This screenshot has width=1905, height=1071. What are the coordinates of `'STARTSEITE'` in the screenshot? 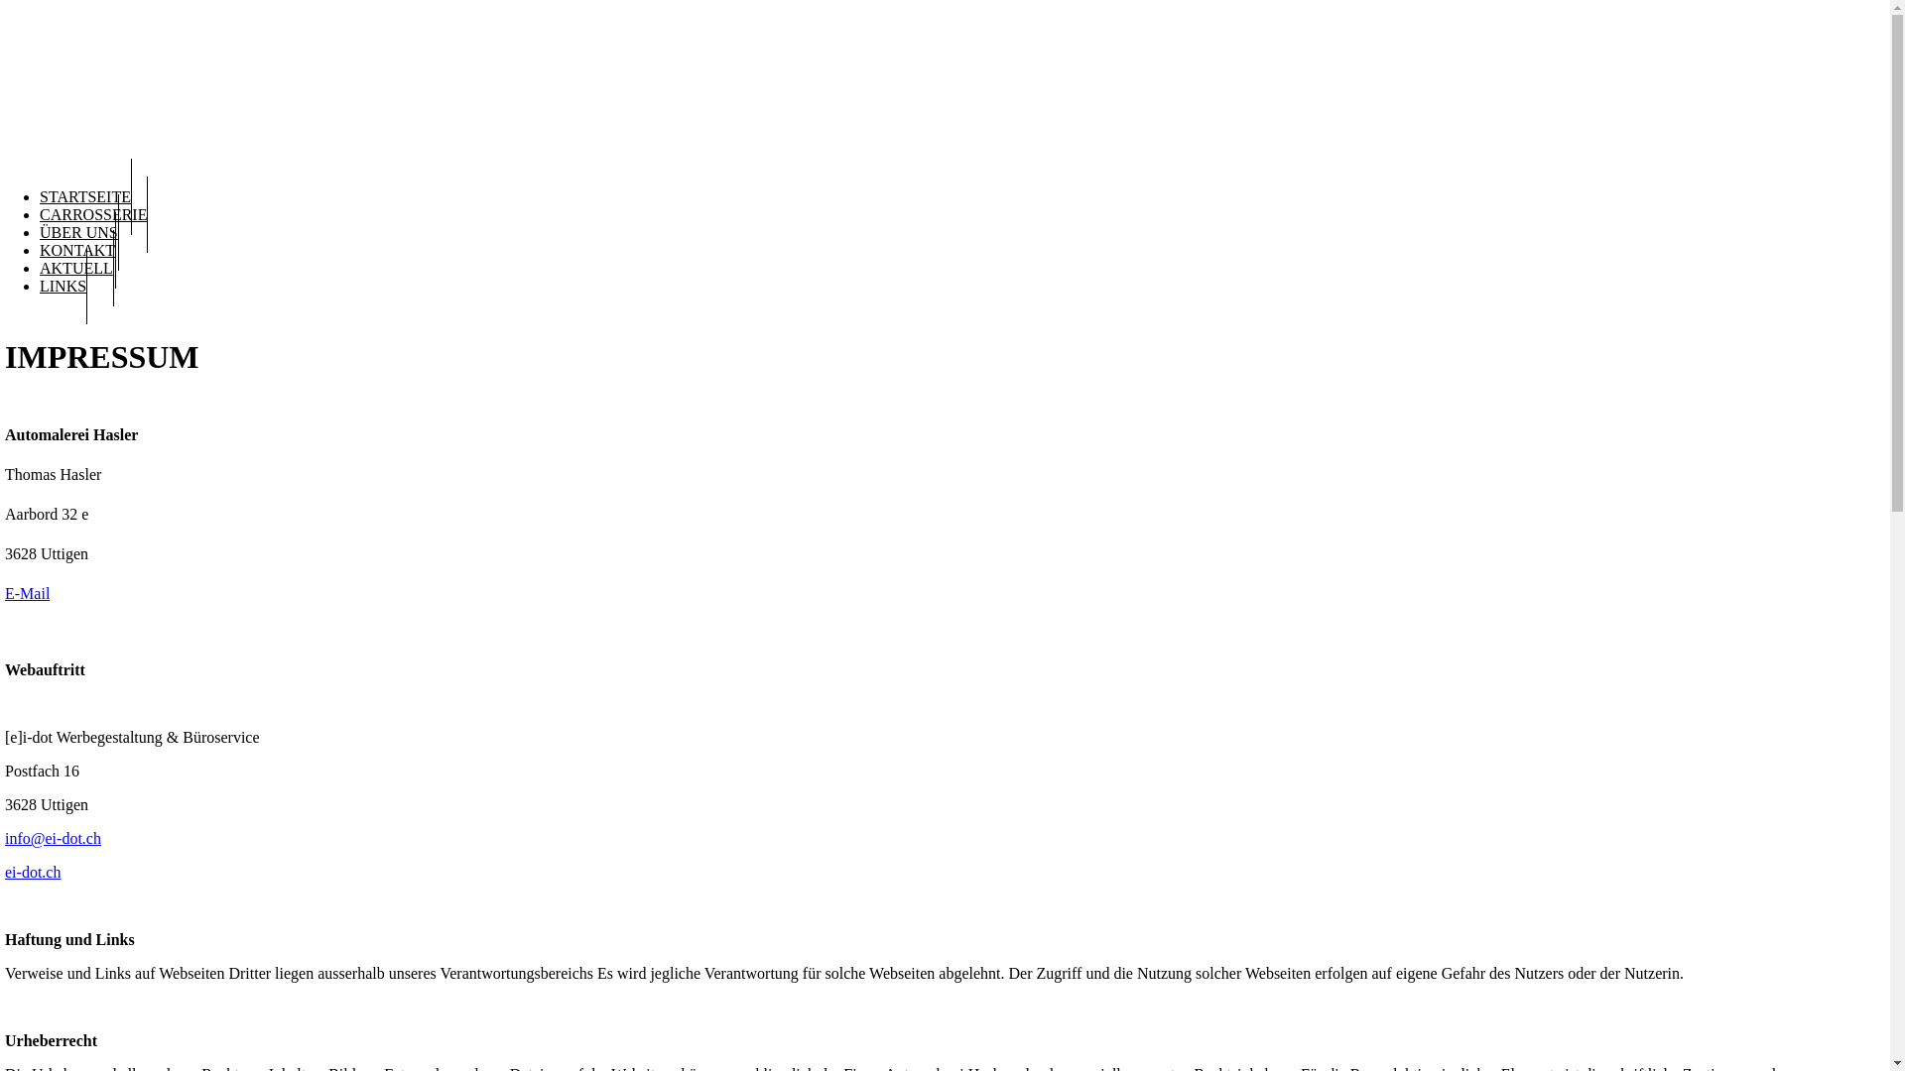 It's located at (39, 196).